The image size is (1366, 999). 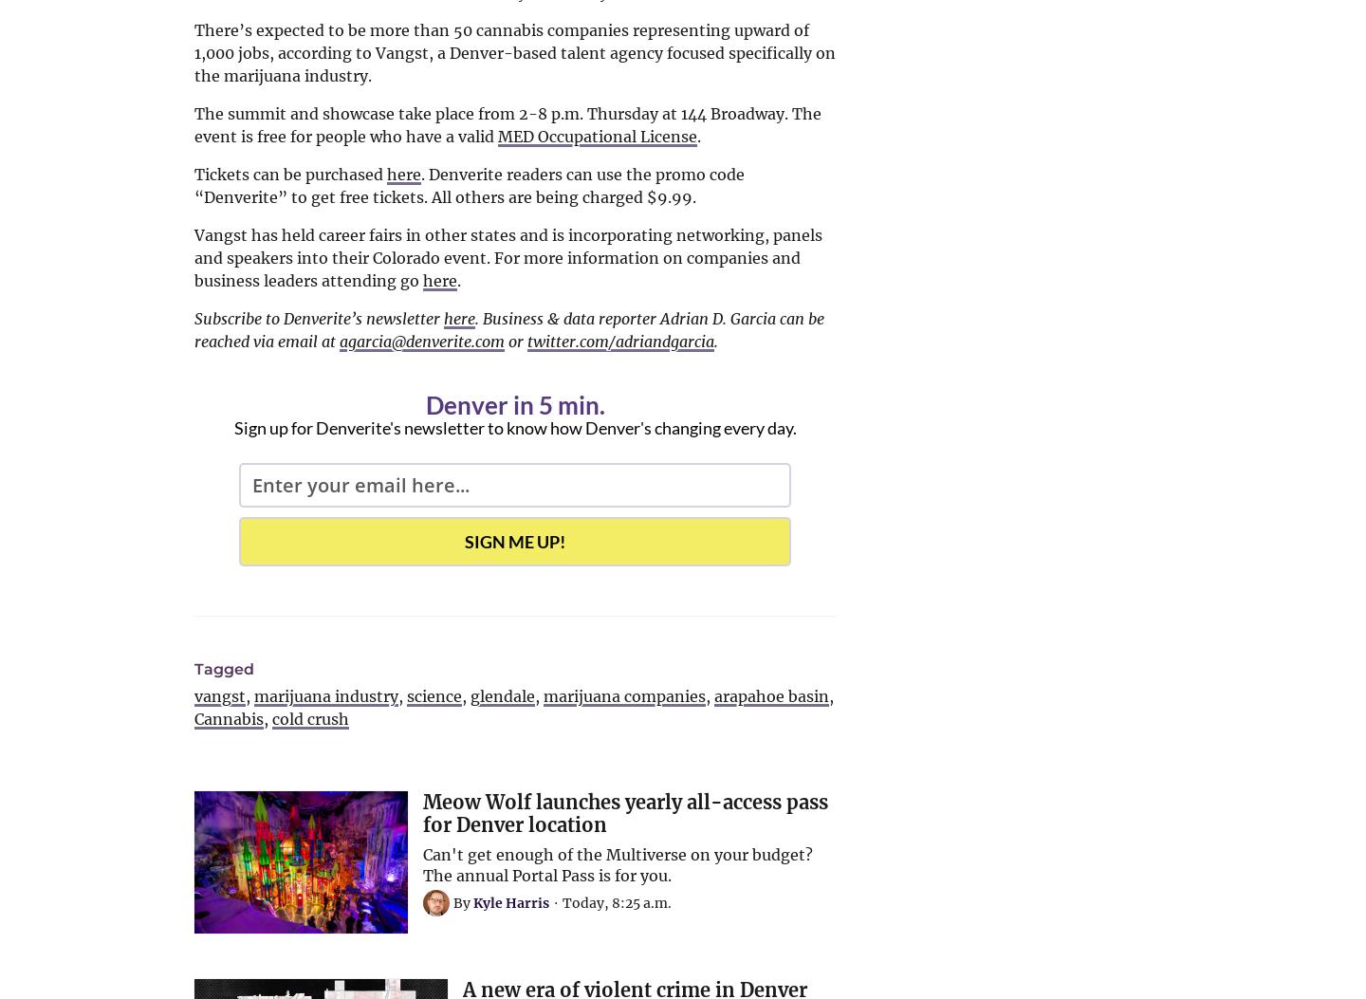 What do you see at coordinates (219, 695) in the screenshot?
I see `'vangst'` at bounding box center [219, 695].